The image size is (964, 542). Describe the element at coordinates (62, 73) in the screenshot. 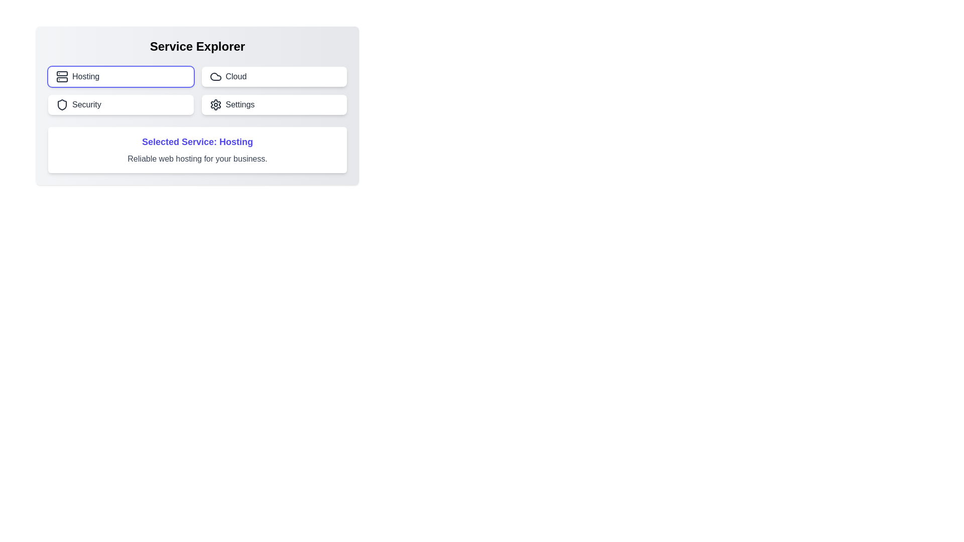

I see `the first rectangle of the server icon located in the upper-left segment of the interface, which serves as a visual cue related to the 'Hosting' button` at that location.